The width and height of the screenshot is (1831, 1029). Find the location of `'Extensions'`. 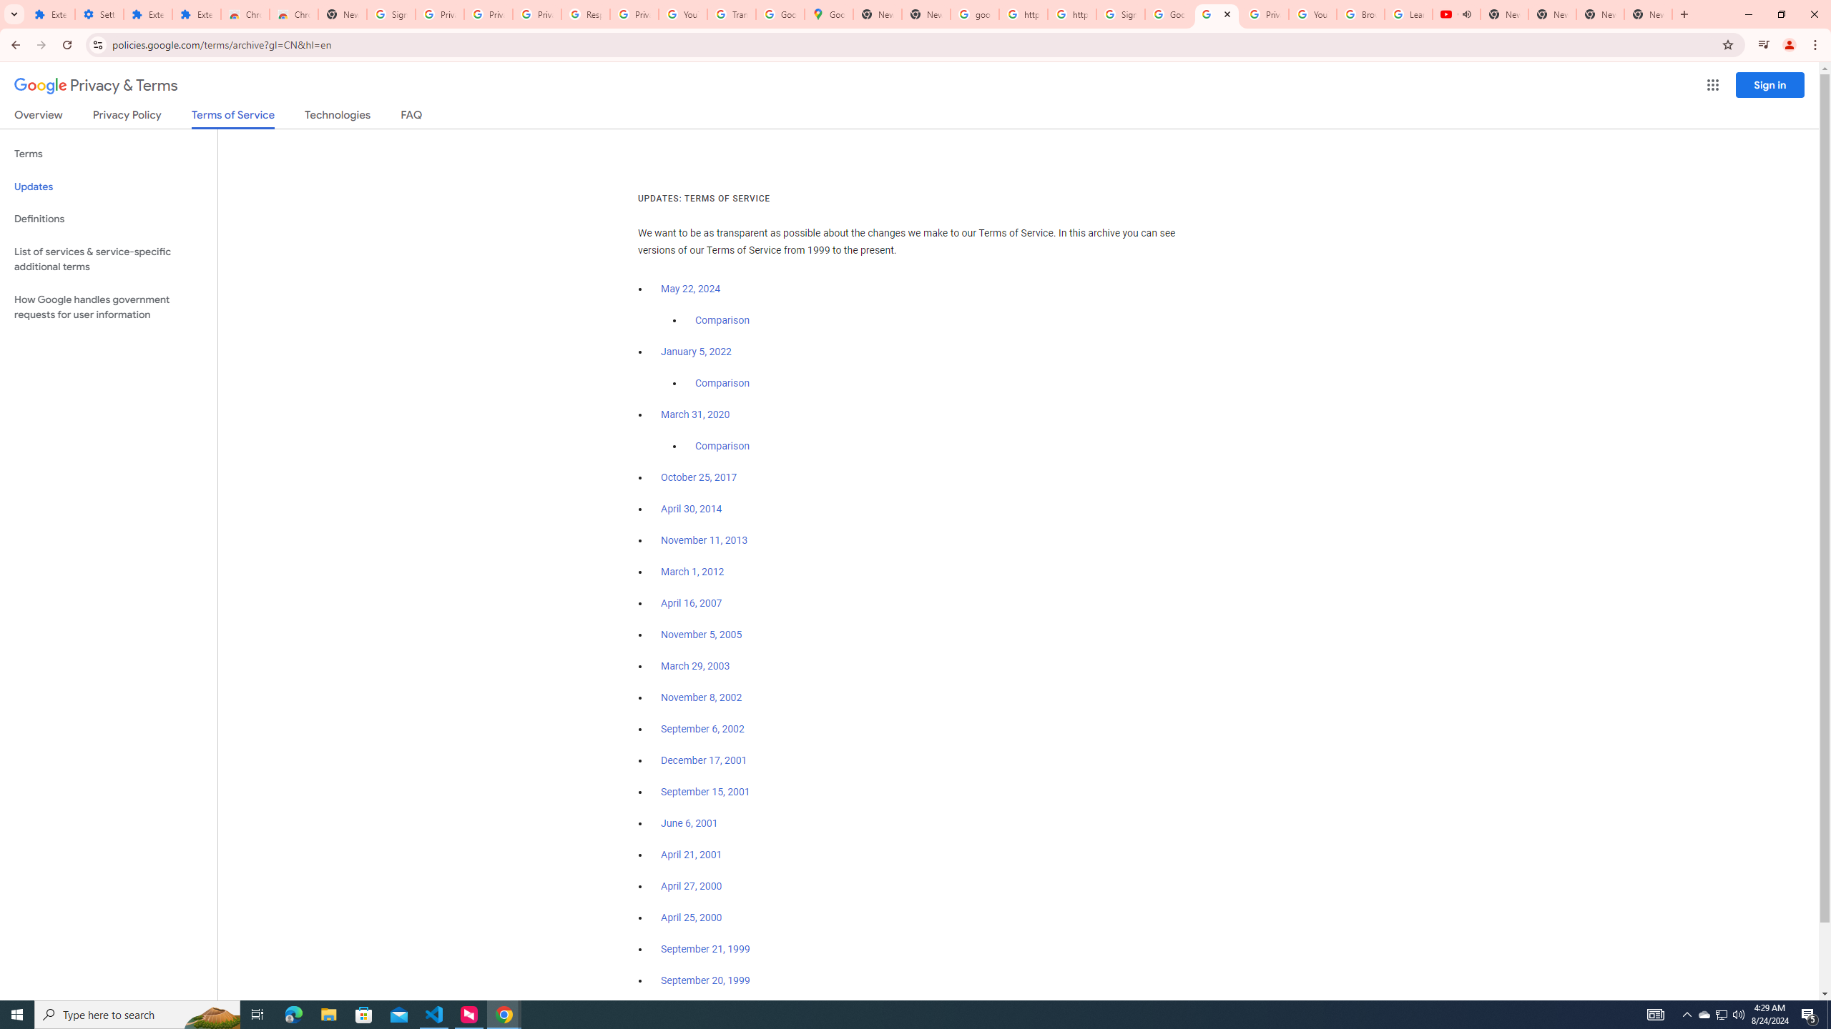

'Extensions' is located at coordinates (196, 14).